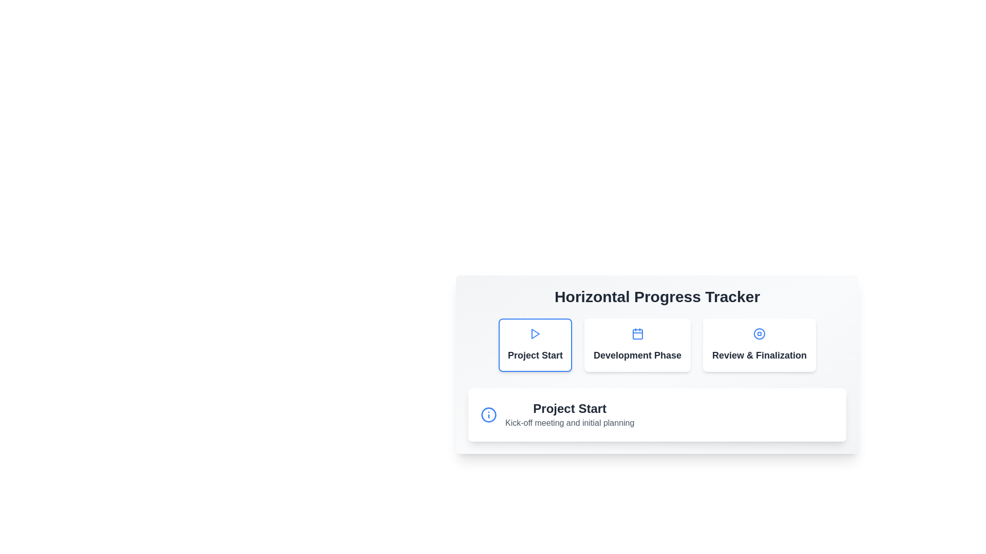 Image resolution: width=986 pixels, height=554 pixels. Describe the element at coordinates (657, 364) in the screenshot. I see `the Progress Indicator located centrally below the title 'Horizontal Progress Tracker'` at that location.